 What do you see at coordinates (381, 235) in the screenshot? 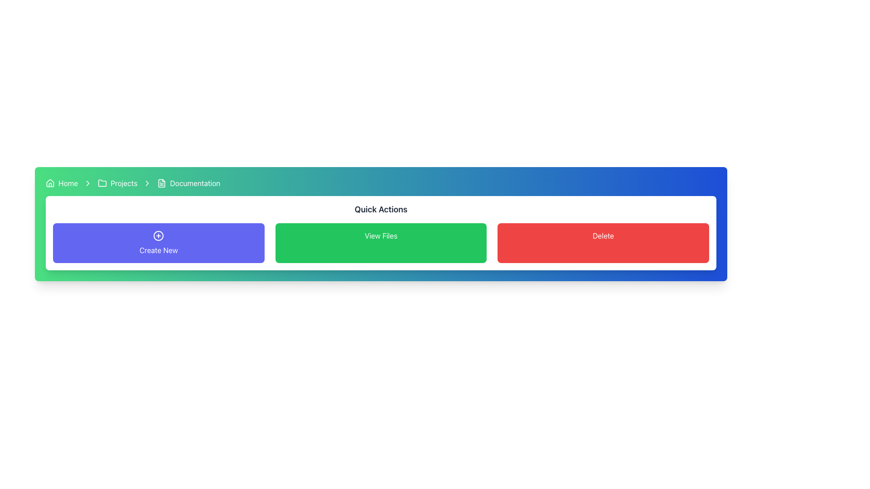
I see `the text label displaying 'View Files' which is centered within a rectangular green button in the Quick Actions row` at bounding box center [381, 235].